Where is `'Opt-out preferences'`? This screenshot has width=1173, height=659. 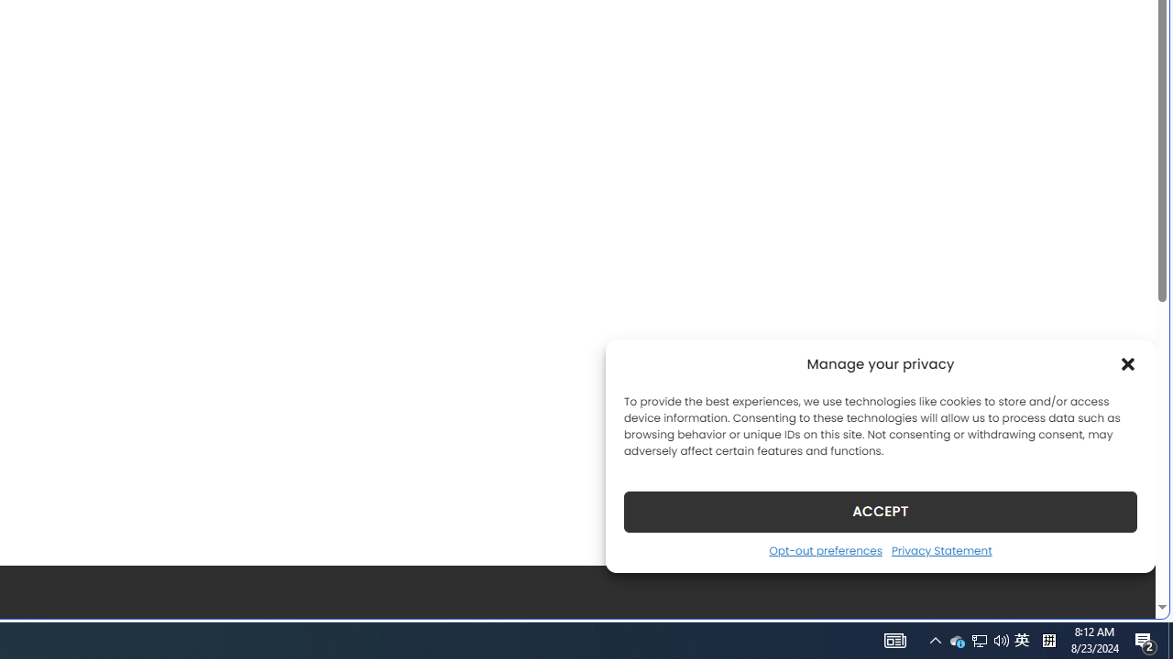
'Opt-out preferences' is located at coordinates (824, 549).